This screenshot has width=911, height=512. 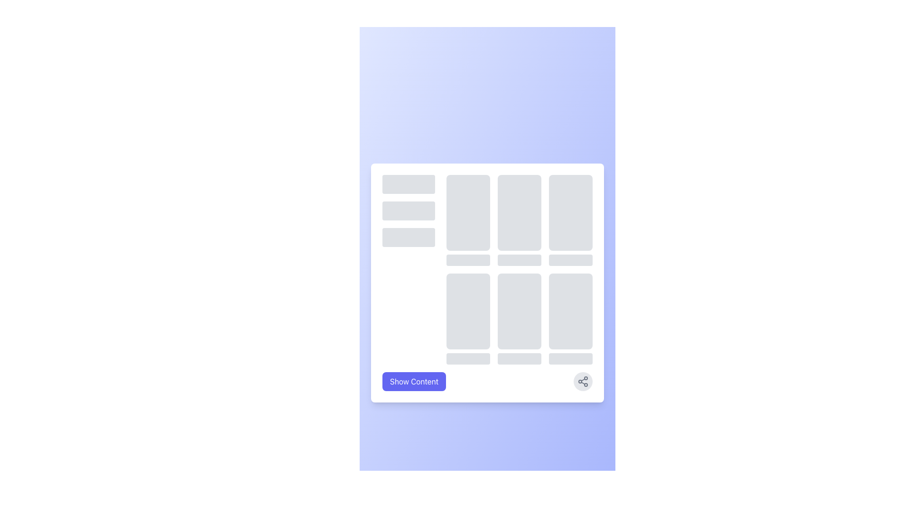 What do you see at coordinates (570, 319) in the screenshot?
I see `the card-like UI component located in the bottom-right of a grid layout, which has a larger gray section at the top and a smaller gray section at the bottom with rounded corners` at bounding box center [570, 319].